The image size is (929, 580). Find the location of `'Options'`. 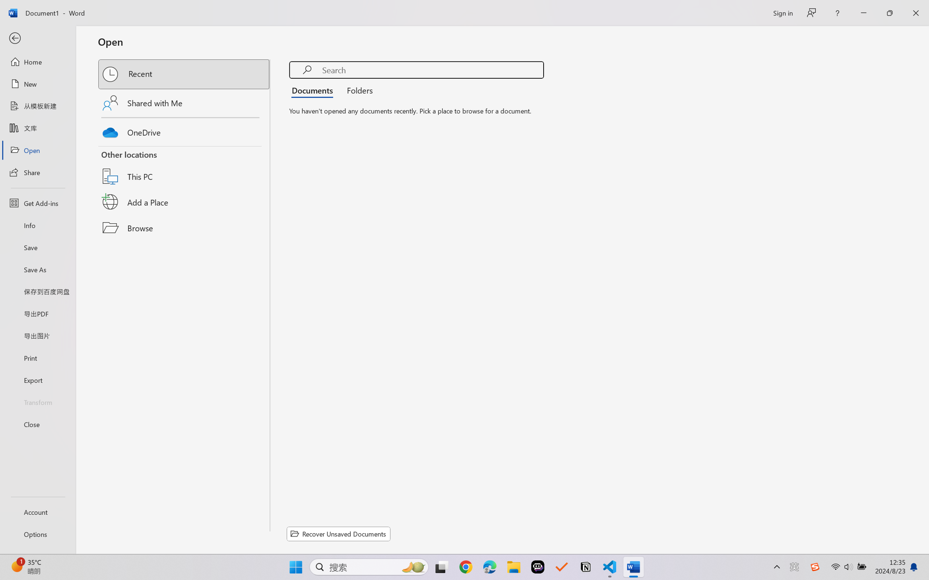

'Options' is located at coordinates (37, 534).